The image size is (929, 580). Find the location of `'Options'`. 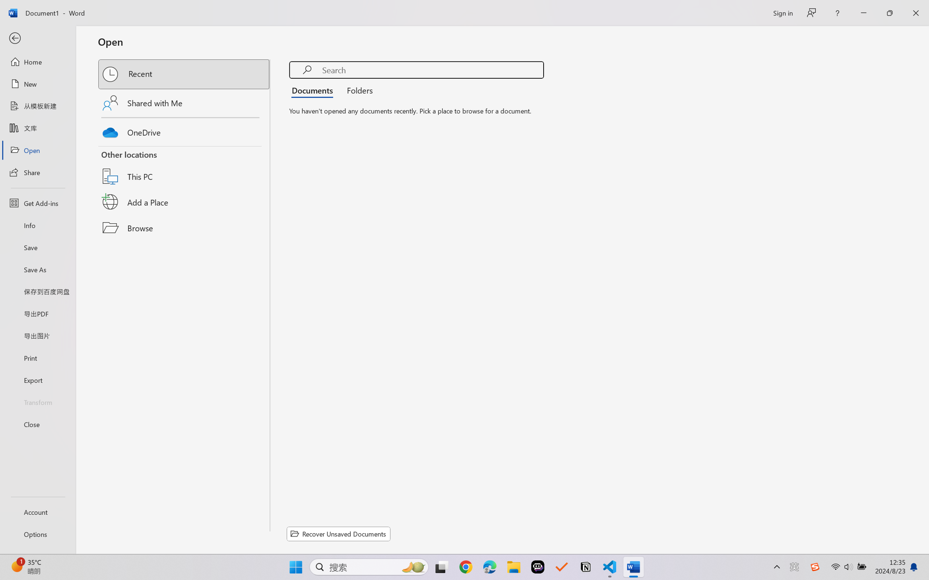

'Options' is located at coordinates (37, 534).